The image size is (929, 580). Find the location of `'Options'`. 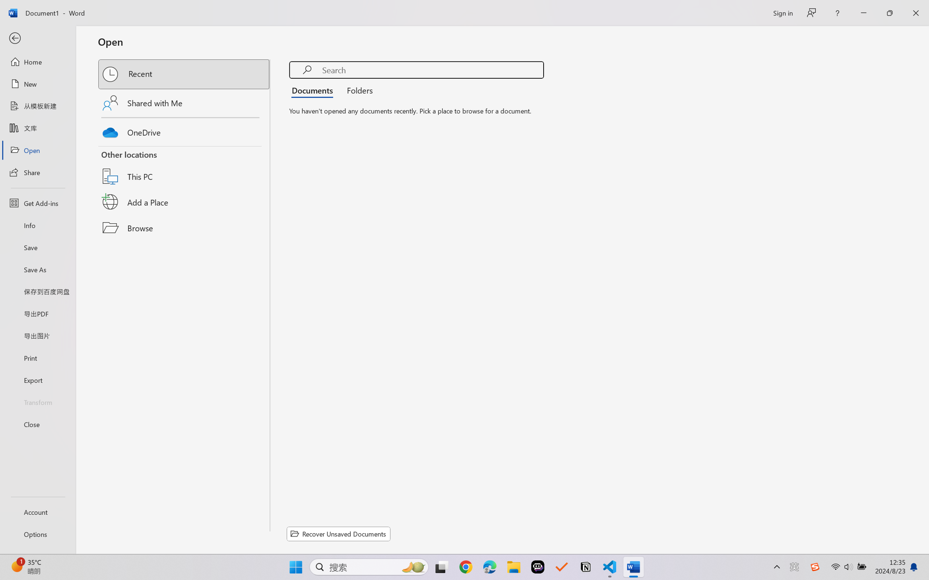

'Options' is located at coordinates (37, 534).